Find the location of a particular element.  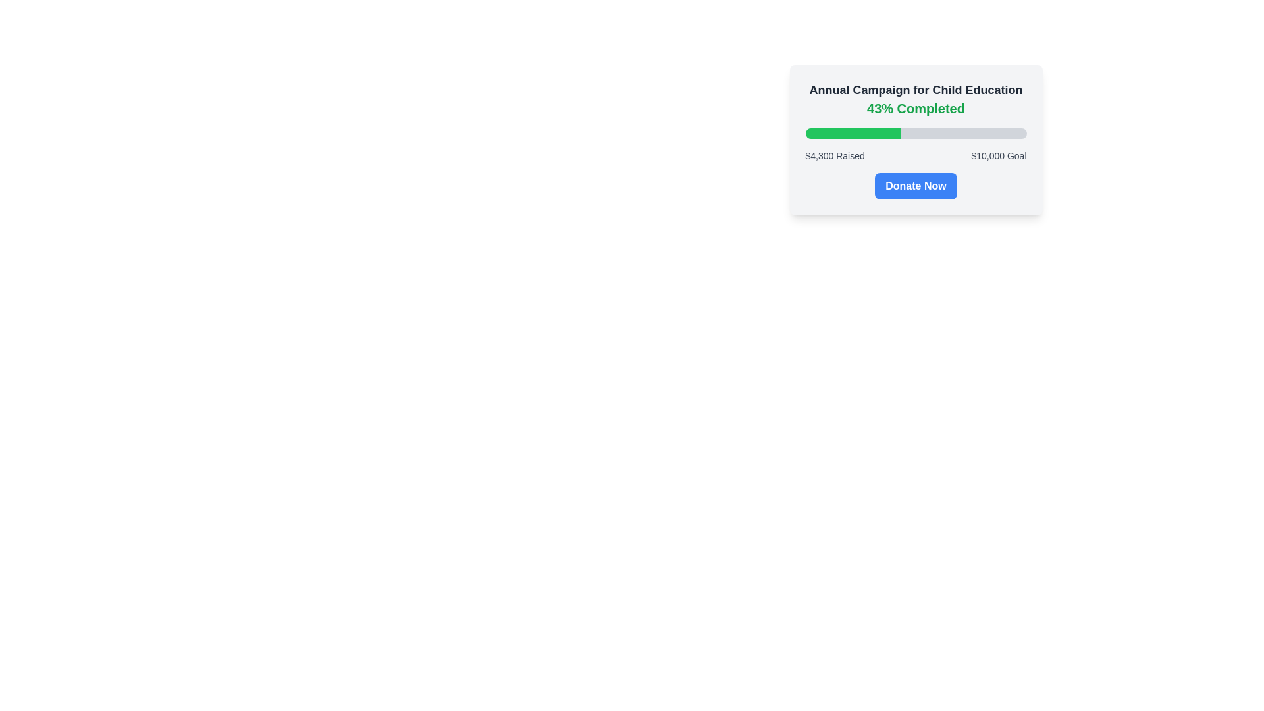

the completion level of the progress bar, which is a horizontal bar with a light gray background and a green section indicating progress, located below the '43% Completed' text and above the financial goal information is located at coordinates (915, 134).